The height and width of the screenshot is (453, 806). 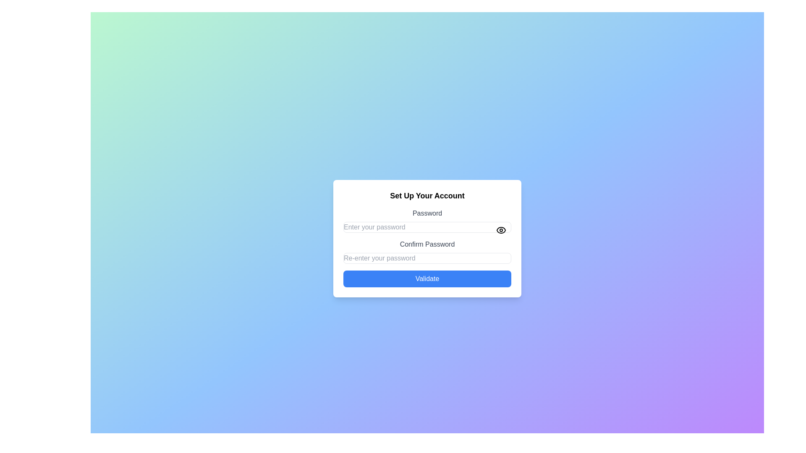 What do you see at coordinates (427, 195) in the screenshot?
I see `the heading text that serves as the title for the account setup form, located at the top of the form above the password input` at bounding box center [427, 195].